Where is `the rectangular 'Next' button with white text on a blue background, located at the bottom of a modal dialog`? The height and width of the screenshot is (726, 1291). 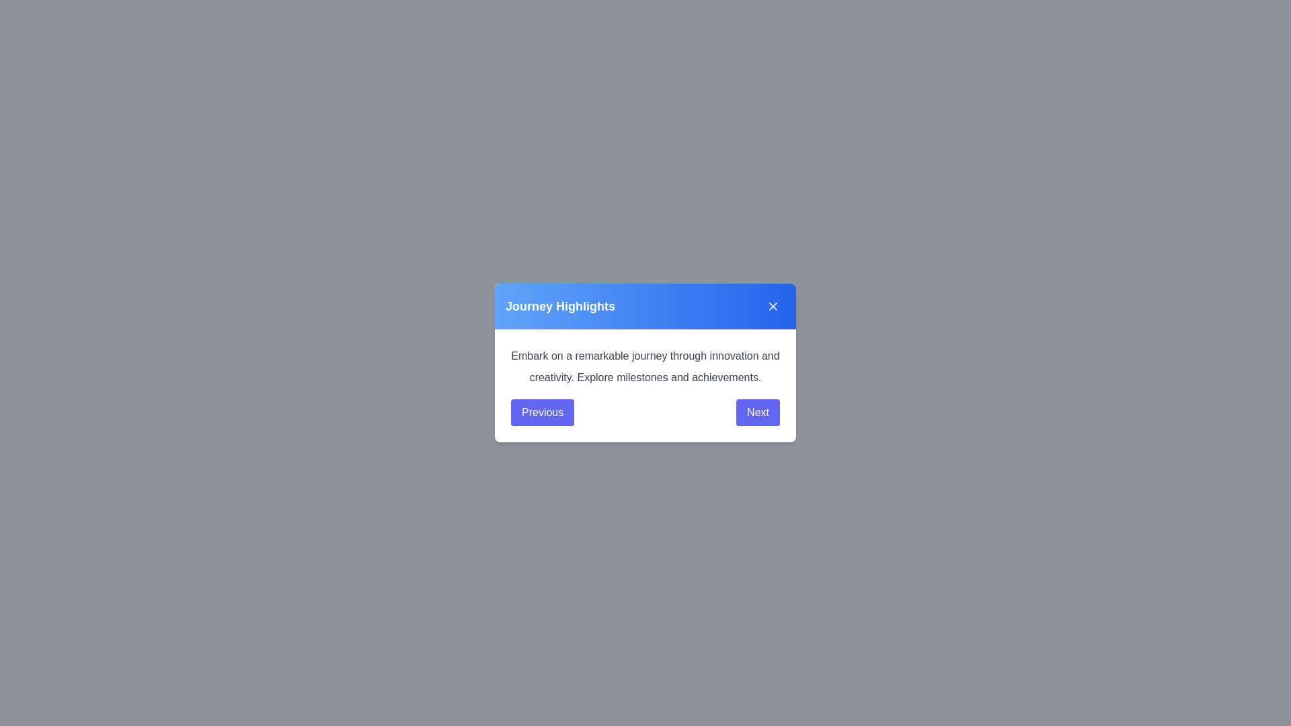 the rectangular 'Next' button with white text on a blue background, located at the bottom of a modal dialog is located at coordinates (758, 411).